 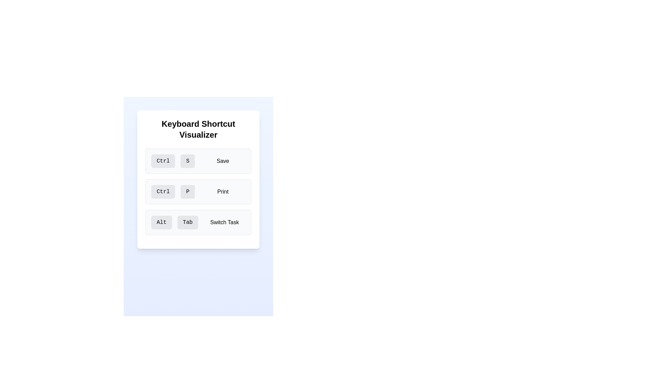 I want to click on the 'Tab' button with a light gray background and black text, which is part of the 'AltTabSwitch Task' group, so click(x=188, y=222).